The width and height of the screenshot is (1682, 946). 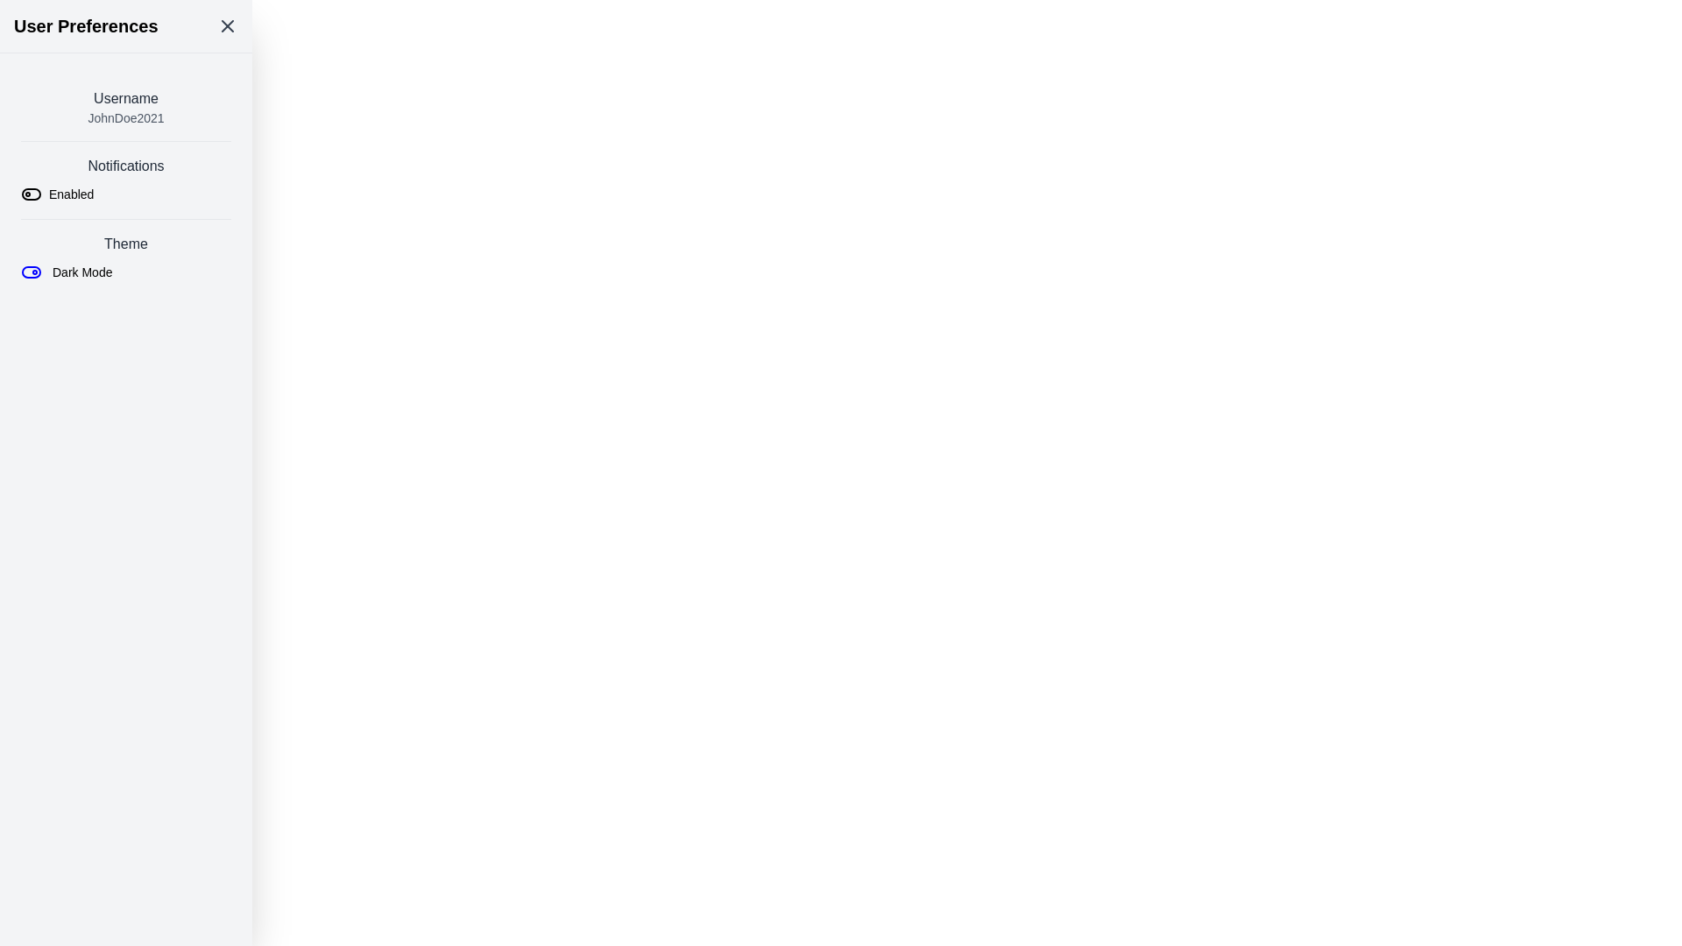 I want to click on the toggle control labeled 'Dark Mode' within the 'Theme' section of the 'User Preferences' panel, so click(x=125, y=258).